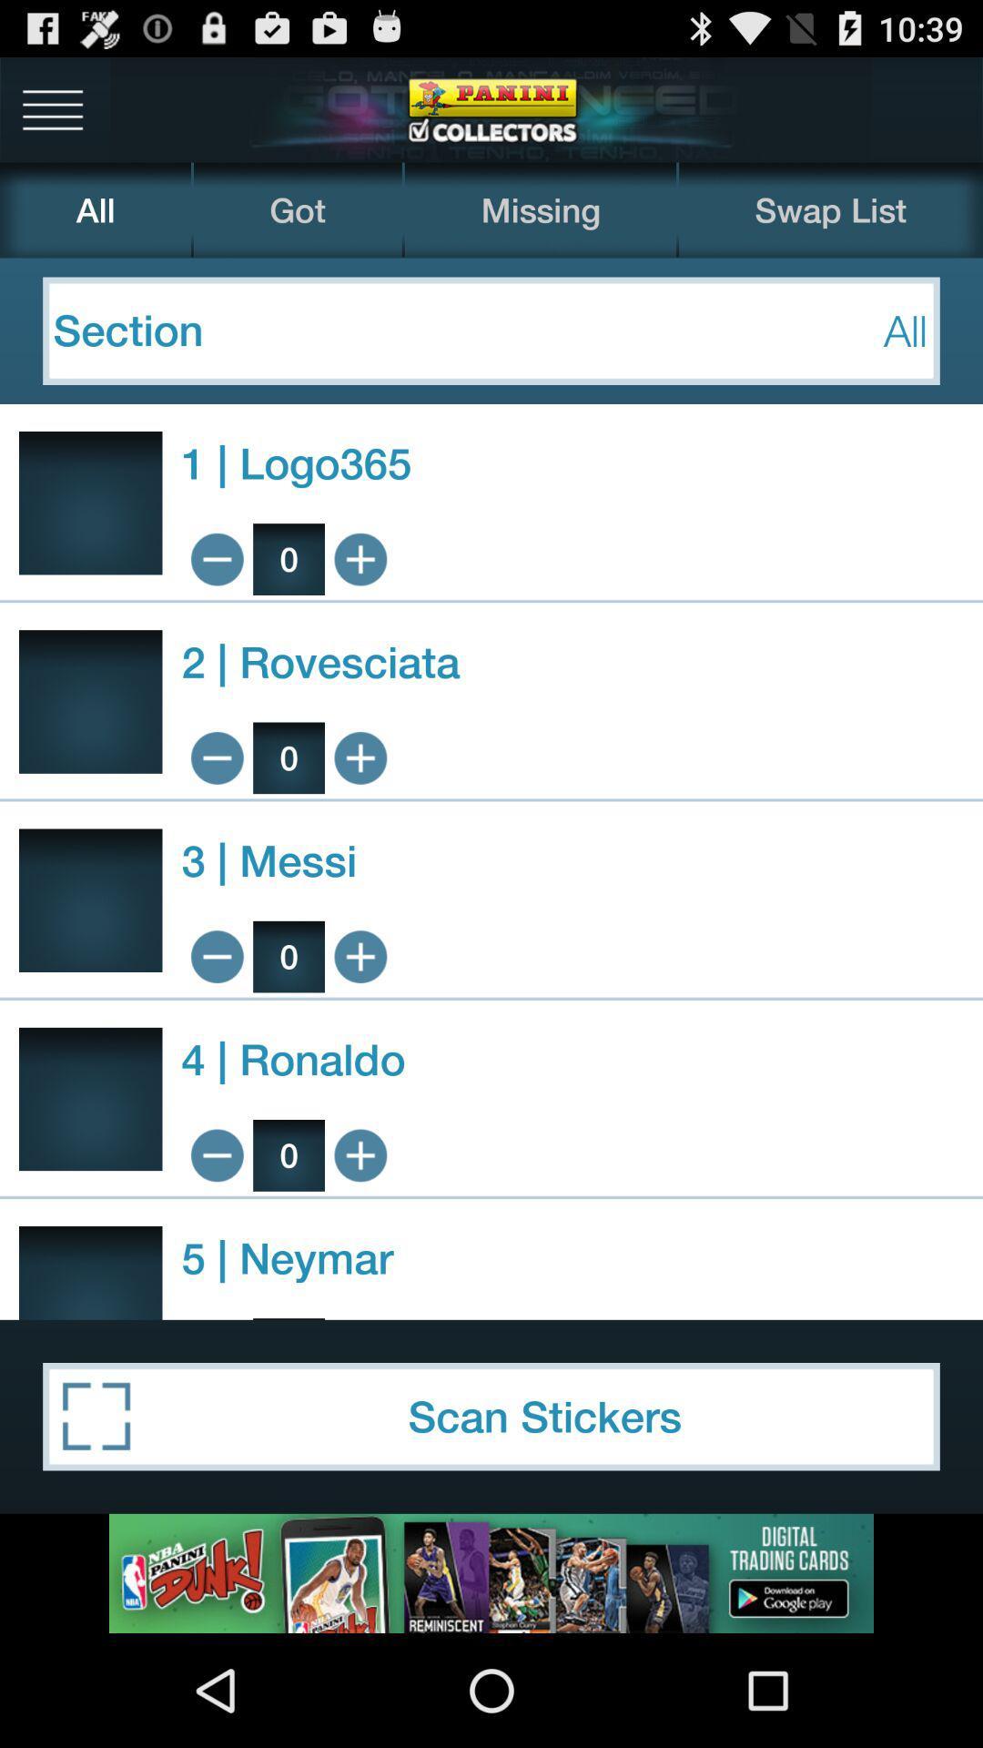  Describe the element at coordinates (360, 757) in the screenshot. I see `rovesciata to shopping cart` at that location.